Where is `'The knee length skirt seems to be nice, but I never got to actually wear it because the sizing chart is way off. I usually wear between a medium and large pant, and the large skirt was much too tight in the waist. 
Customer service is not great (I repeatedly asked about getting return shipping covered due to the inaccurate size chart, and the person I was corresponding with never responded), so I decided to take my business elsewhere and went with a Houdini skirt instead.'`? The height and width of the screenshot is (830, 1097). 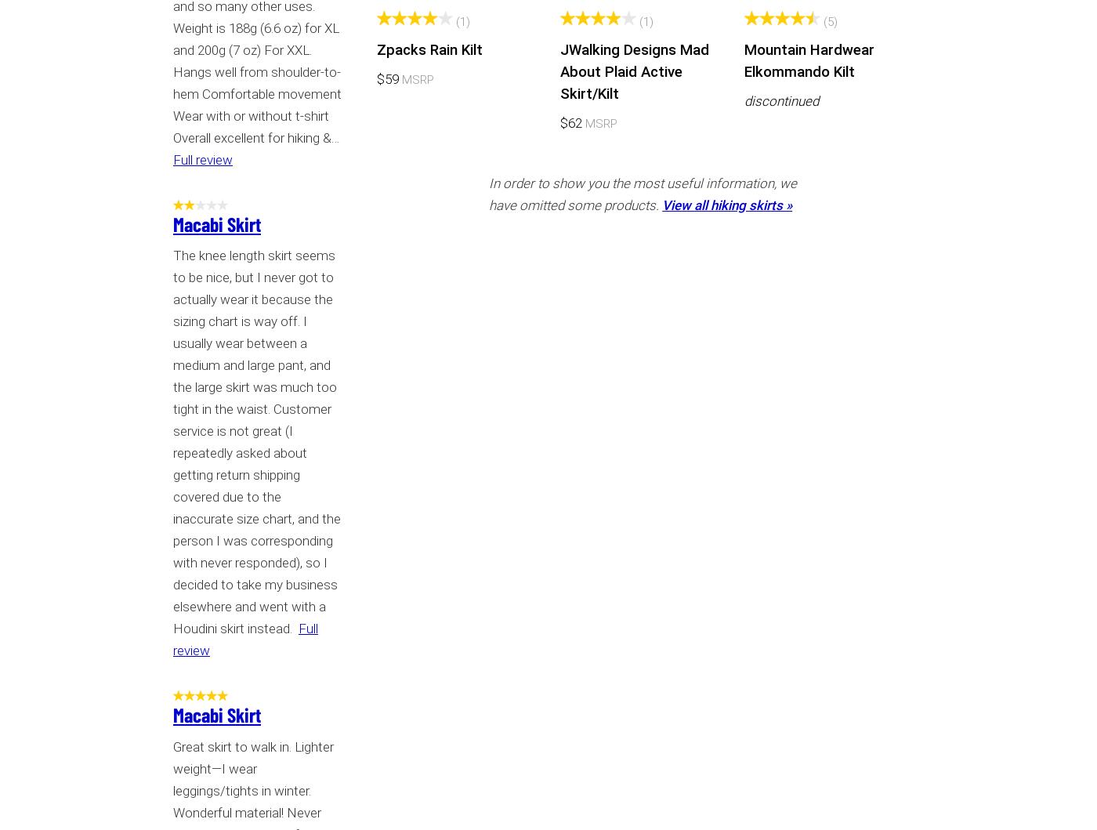 'The knee length skirt seems to be nice, but I never got to actually wear it because the sizing chart is way off. I usually wear between a medium and large pant, and the large skirt was much too tight in the waist. 
Customer service is not great (I repeatedly asked about getting return shipping covered due to the inaccurate size chart, and the person I was corresponding with never responded), so I decided to take my business elsewhere and went with a Houdini skirt instead.' is located at coordinates (256, 441).